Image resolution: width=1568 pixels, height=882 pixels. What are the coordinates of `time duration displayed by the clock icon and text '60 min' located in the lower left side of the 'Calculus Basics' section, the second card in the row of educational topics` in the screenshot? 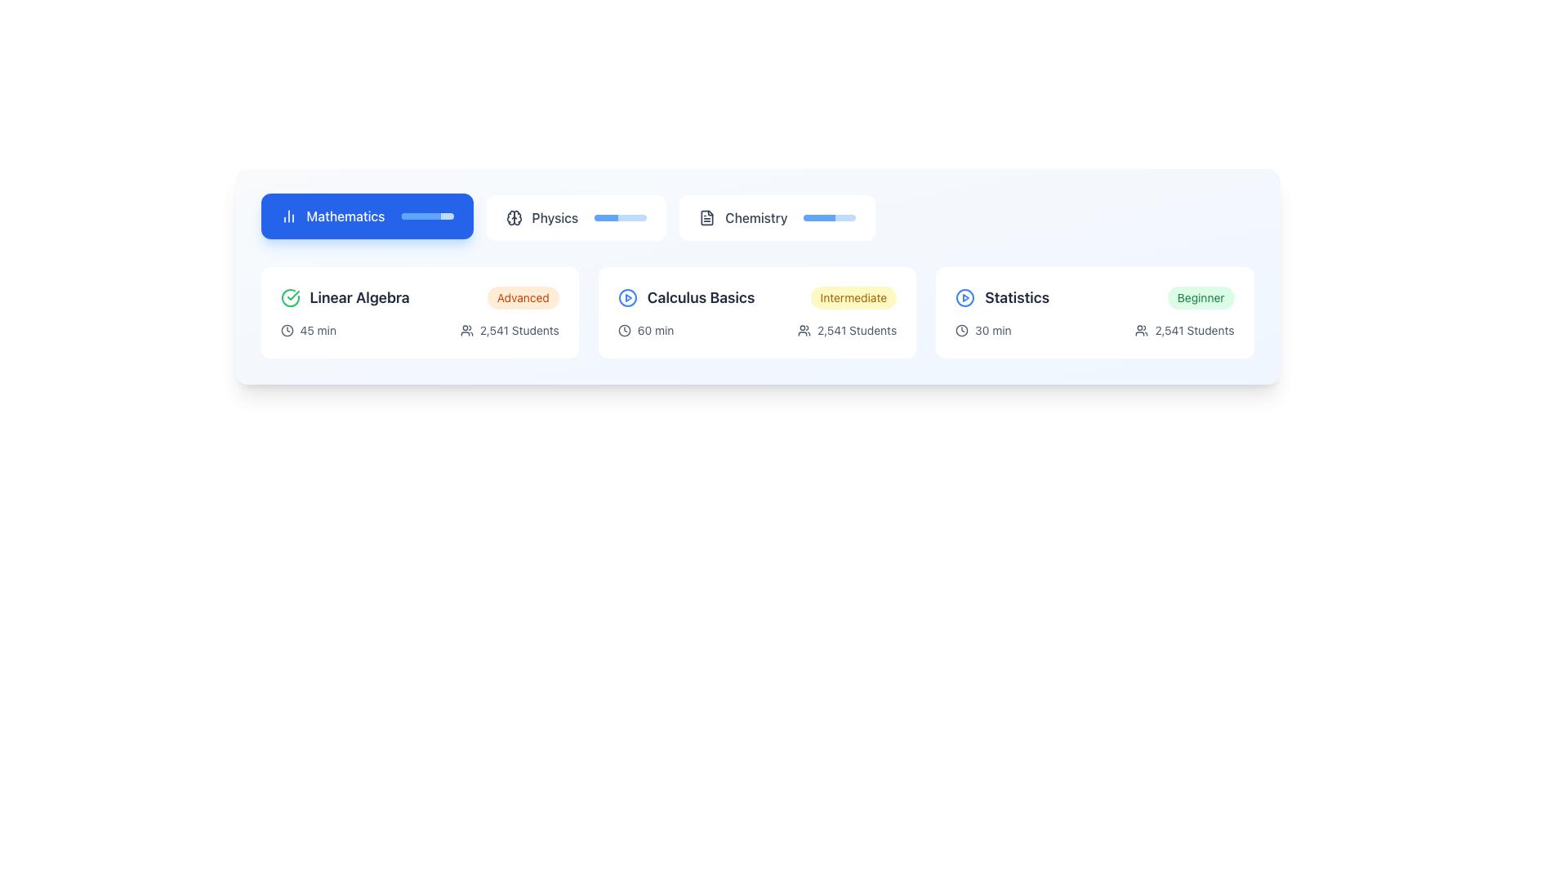 It's located at (645, 331).